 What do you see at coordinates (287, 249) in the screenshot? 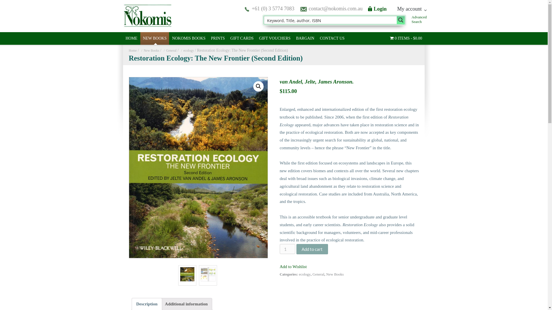
I see `'Qty'` at bounding box center [287, 249].